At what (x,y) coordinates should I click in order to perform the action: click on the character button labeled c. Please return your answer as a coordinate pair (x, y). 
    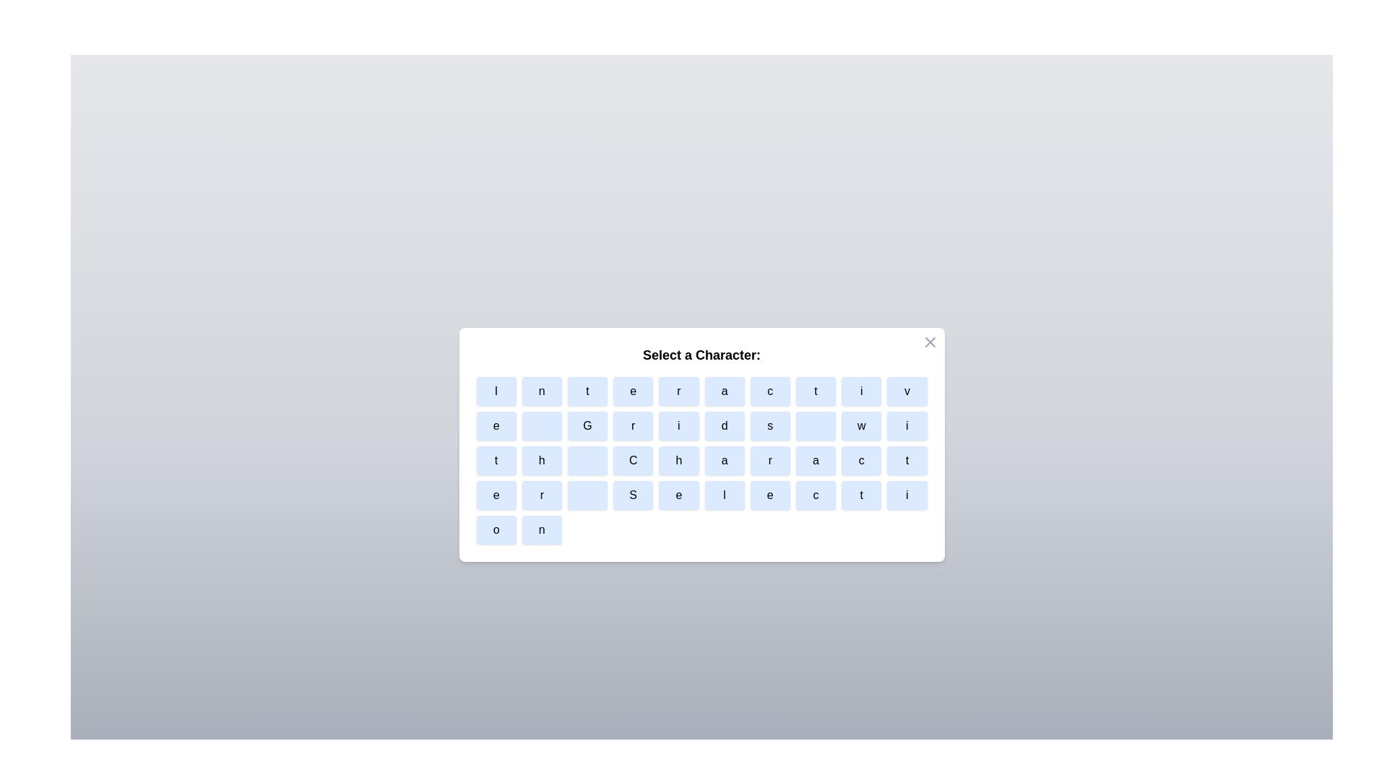
    Looking at the image, I should click on (769, 391).